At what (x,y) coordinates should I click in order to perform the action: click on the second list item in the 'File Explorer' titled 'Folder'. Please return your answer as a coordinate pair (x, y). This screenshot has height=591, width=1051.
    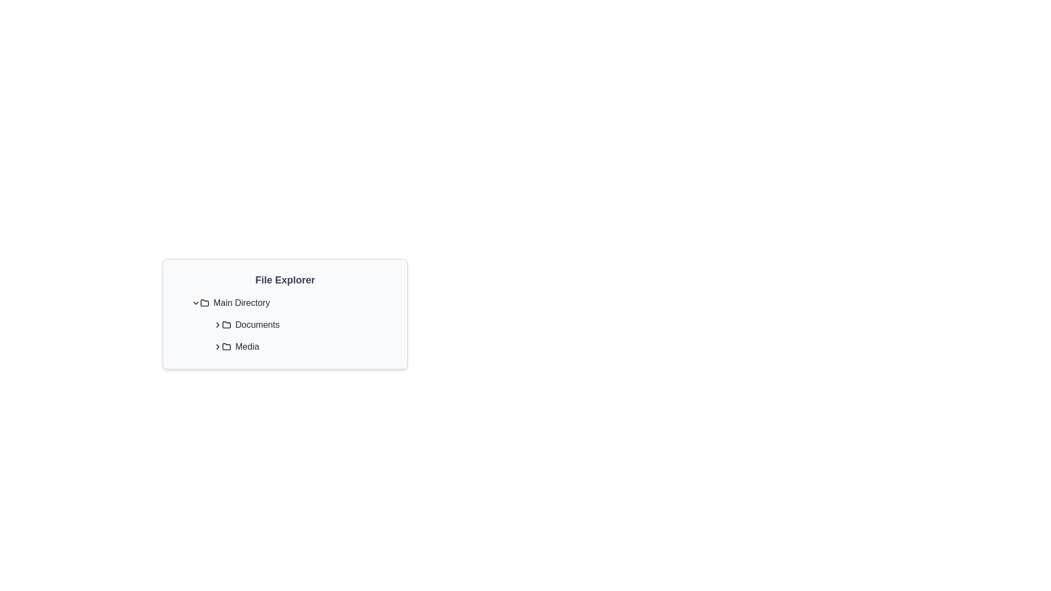
    Looking at the image, I should click on (300, 346).